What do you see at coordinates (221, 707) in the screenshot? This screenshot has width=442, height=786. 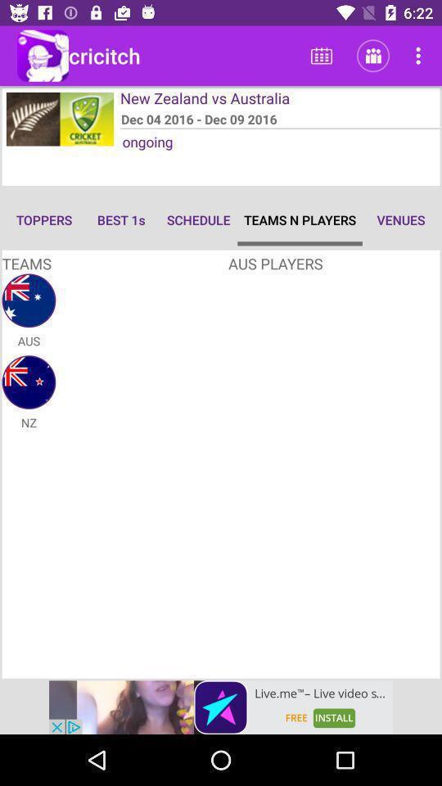 I see `install app` at bounding box center [221, 707].